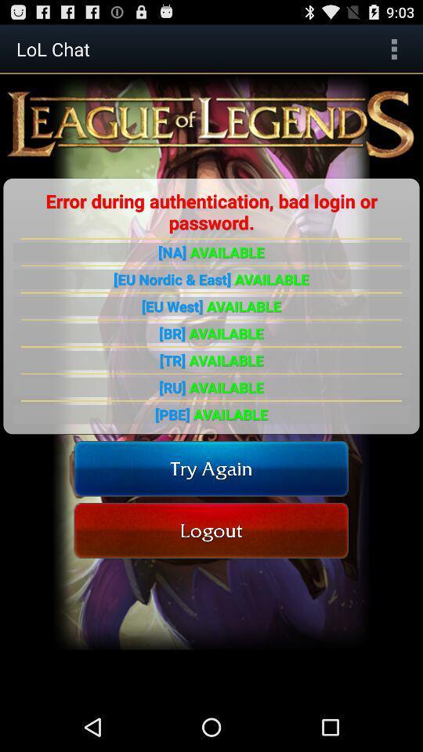 Image resolution: width=423 pixels, height=752 pixels. Describe the element at coordinates (211, 468) in the screenshot. I see `the item above logout button` at that location.